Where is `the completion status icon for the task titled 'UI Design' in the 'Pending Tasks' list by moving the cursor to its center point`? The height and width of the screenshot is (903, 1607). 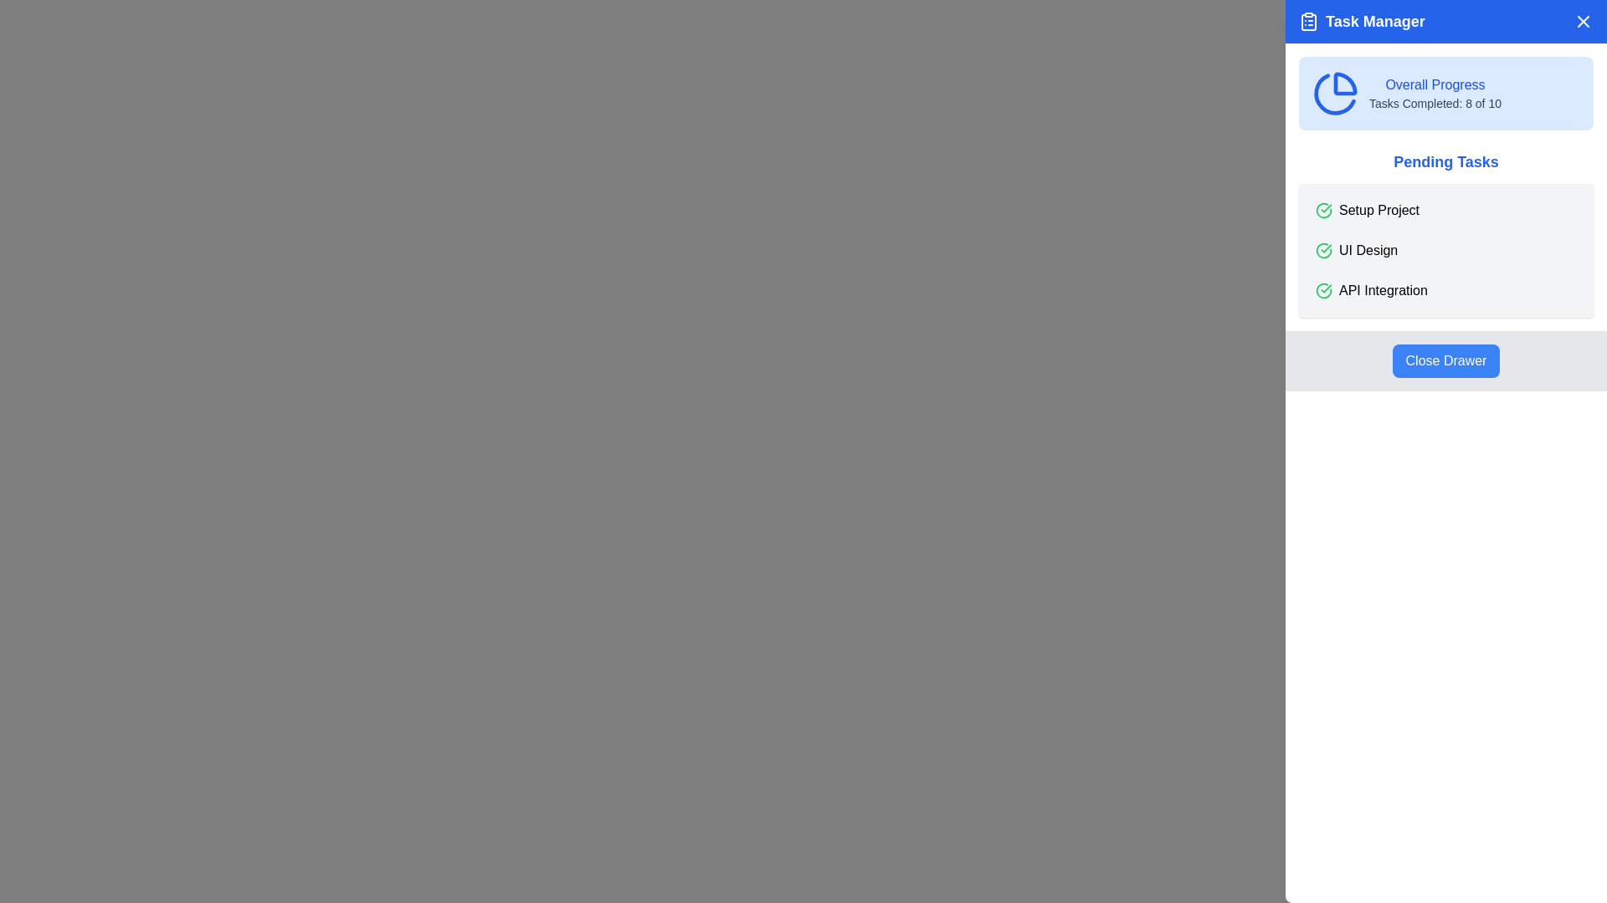
the completion status icon for the task titled 'UI Design' in the 'Pending Tasks' list by moving the cursor to its center point is located at coordinates (1323, 251).